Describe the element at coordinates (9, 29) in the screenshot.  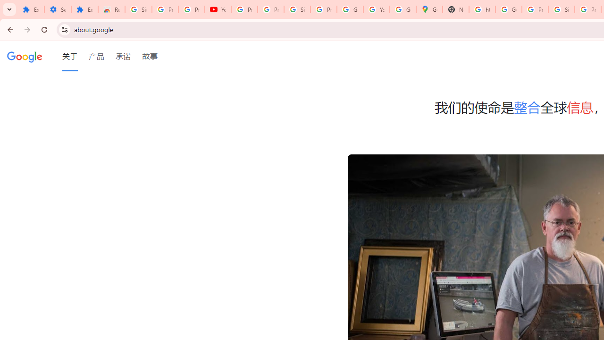
I see `'Back'` at that location.